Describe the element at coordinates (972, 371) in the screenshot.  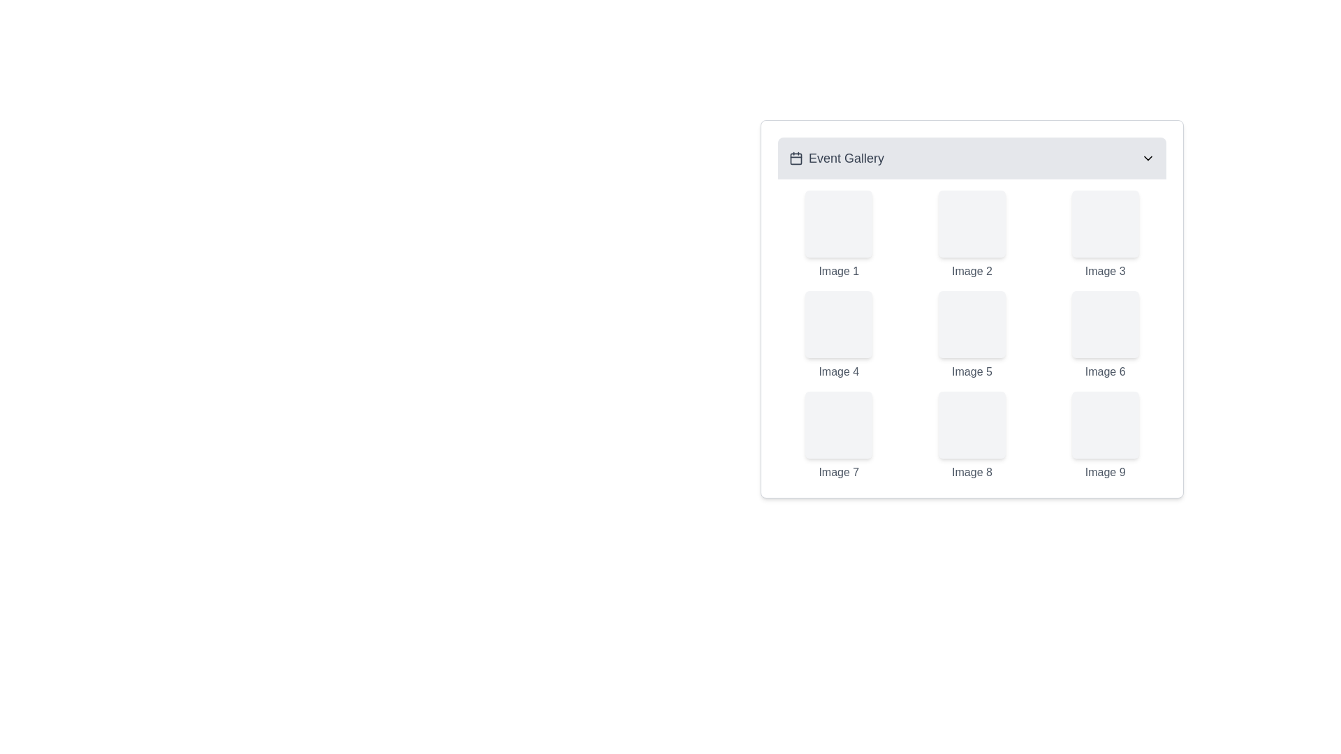
I see `the text label that describes the thumbnail placeholder for 'Image 5', located in the second column of the middle row in a 3x3 grid layout` at that location.